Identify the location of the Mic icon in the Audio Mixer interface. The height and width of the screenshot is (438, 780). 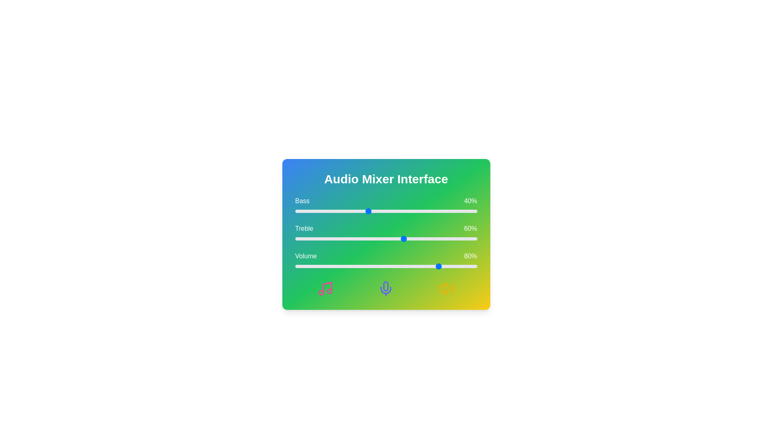
(386, 288).